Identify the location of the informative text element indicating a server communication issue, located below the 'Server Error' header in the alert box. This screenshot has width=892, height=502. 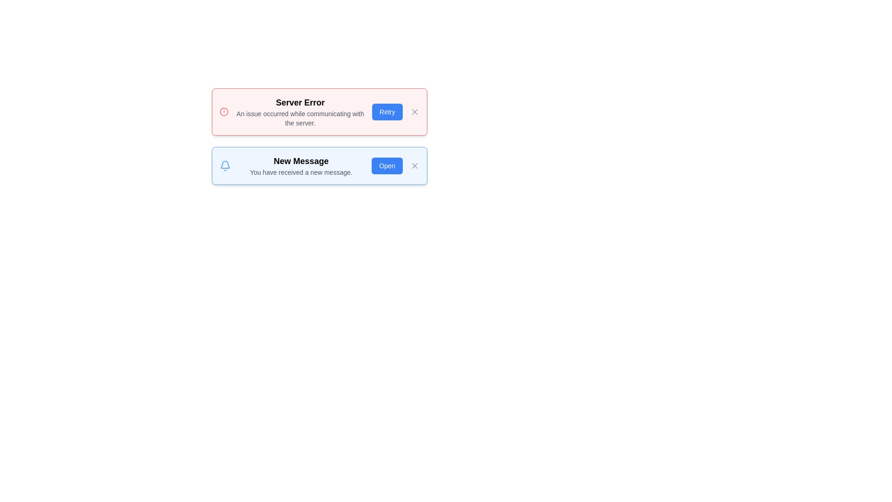
(300, 118).